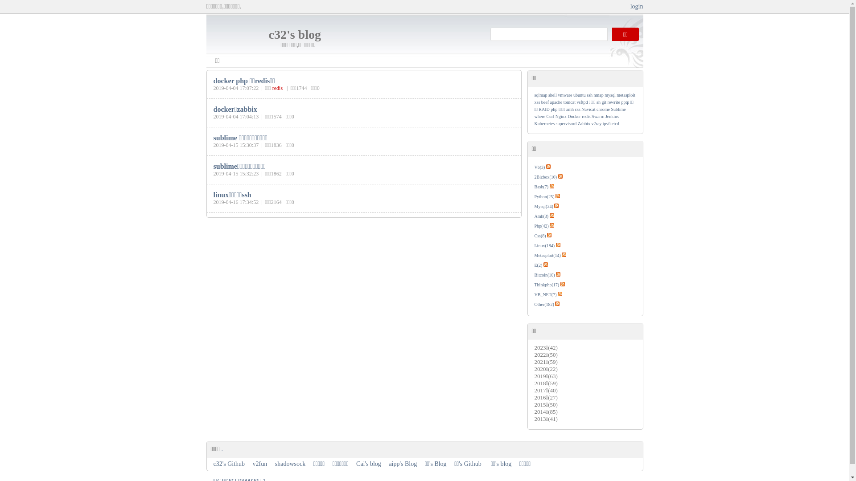  What do you see at coordinates (546, 285) in the screenshot?
I see `'Thinkphp(17)'` at bounding box center [546, 285].